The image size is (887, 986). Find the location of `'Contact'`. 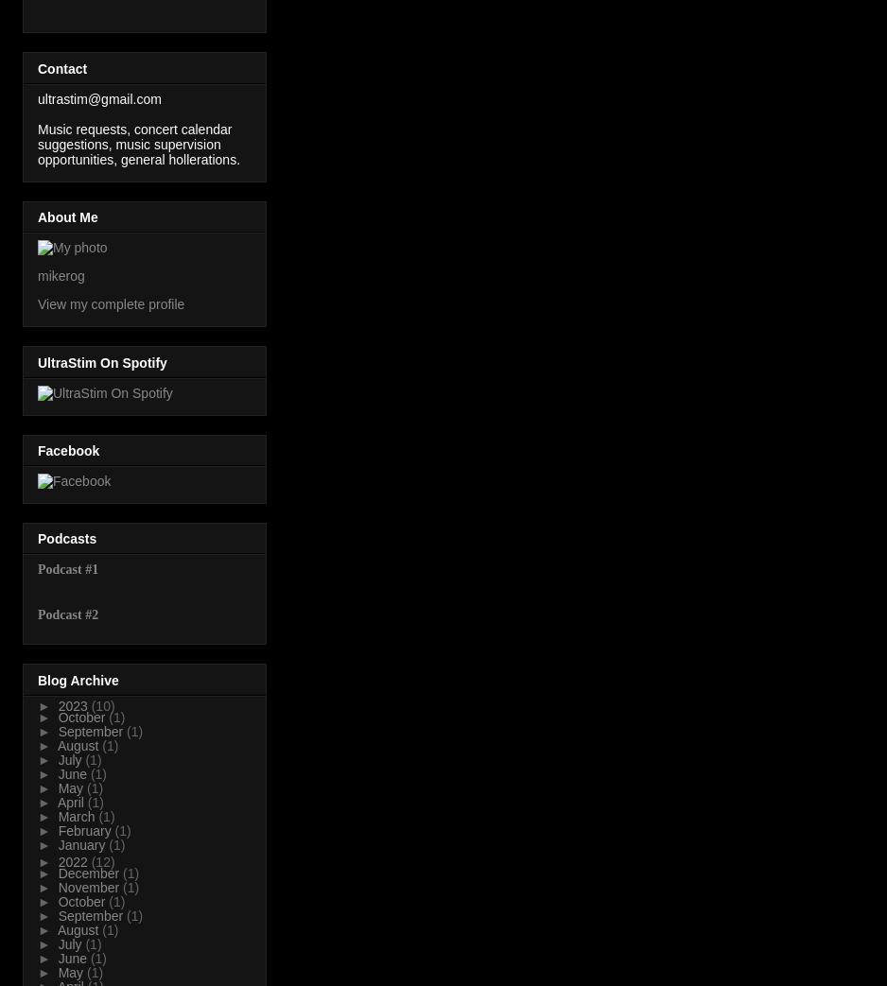

'Contact' is located at coordinates (61, 66).